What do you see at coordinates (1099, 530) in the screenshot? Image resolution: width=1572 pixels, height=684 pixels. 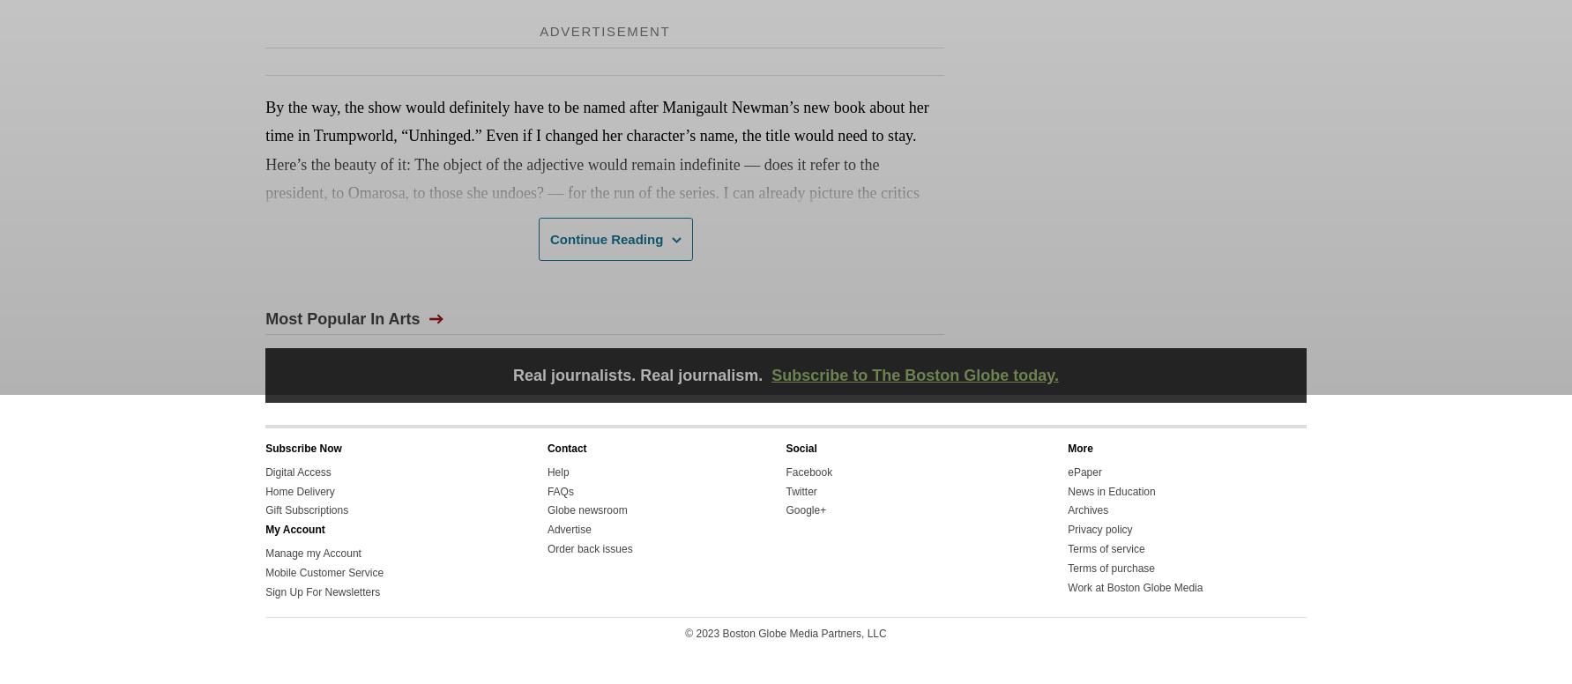 I see `'Privacy policy'` at bounding box center [1099, 530].